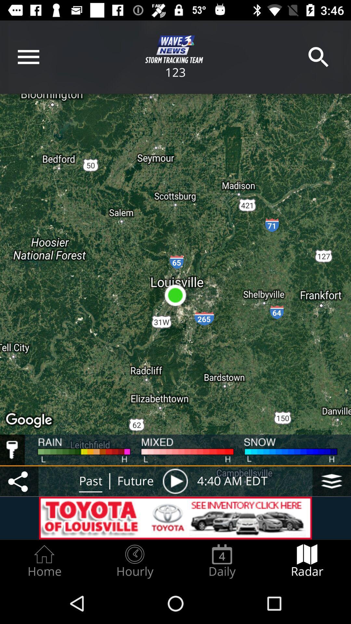 This screenshot has height=624, width=351. I want to click on search icon, so click(318, 57).